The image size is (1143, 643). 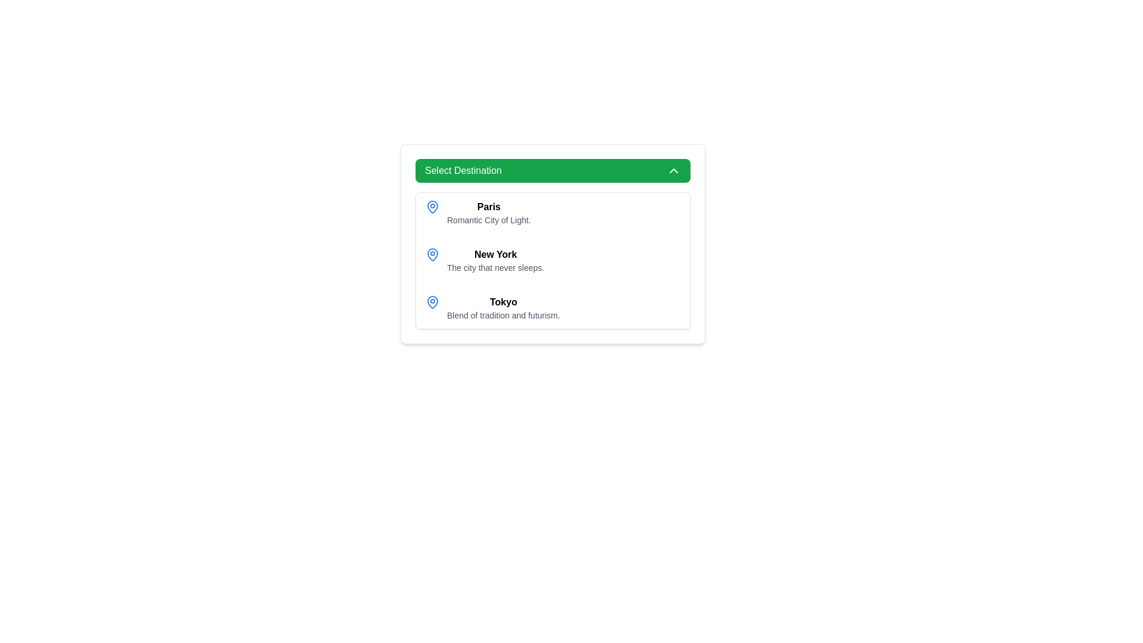 What do you see at coordinates (489, 213) in the screenshot?
I see `the first list item in the 'Select Destination' dropdown menu, which features 'Paris' in bold and 'Romantic City of Light.' in smaller gray font, accompanied by a blue map pin icon` at bounding box center [489, 213].